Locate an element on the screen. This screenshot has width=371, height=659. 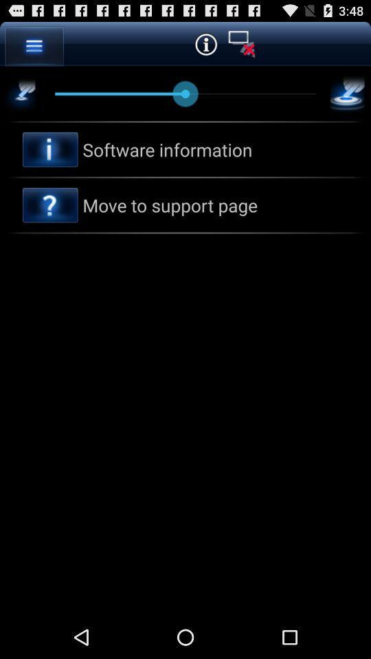
the menu icon is located at coordinates (34, 49).